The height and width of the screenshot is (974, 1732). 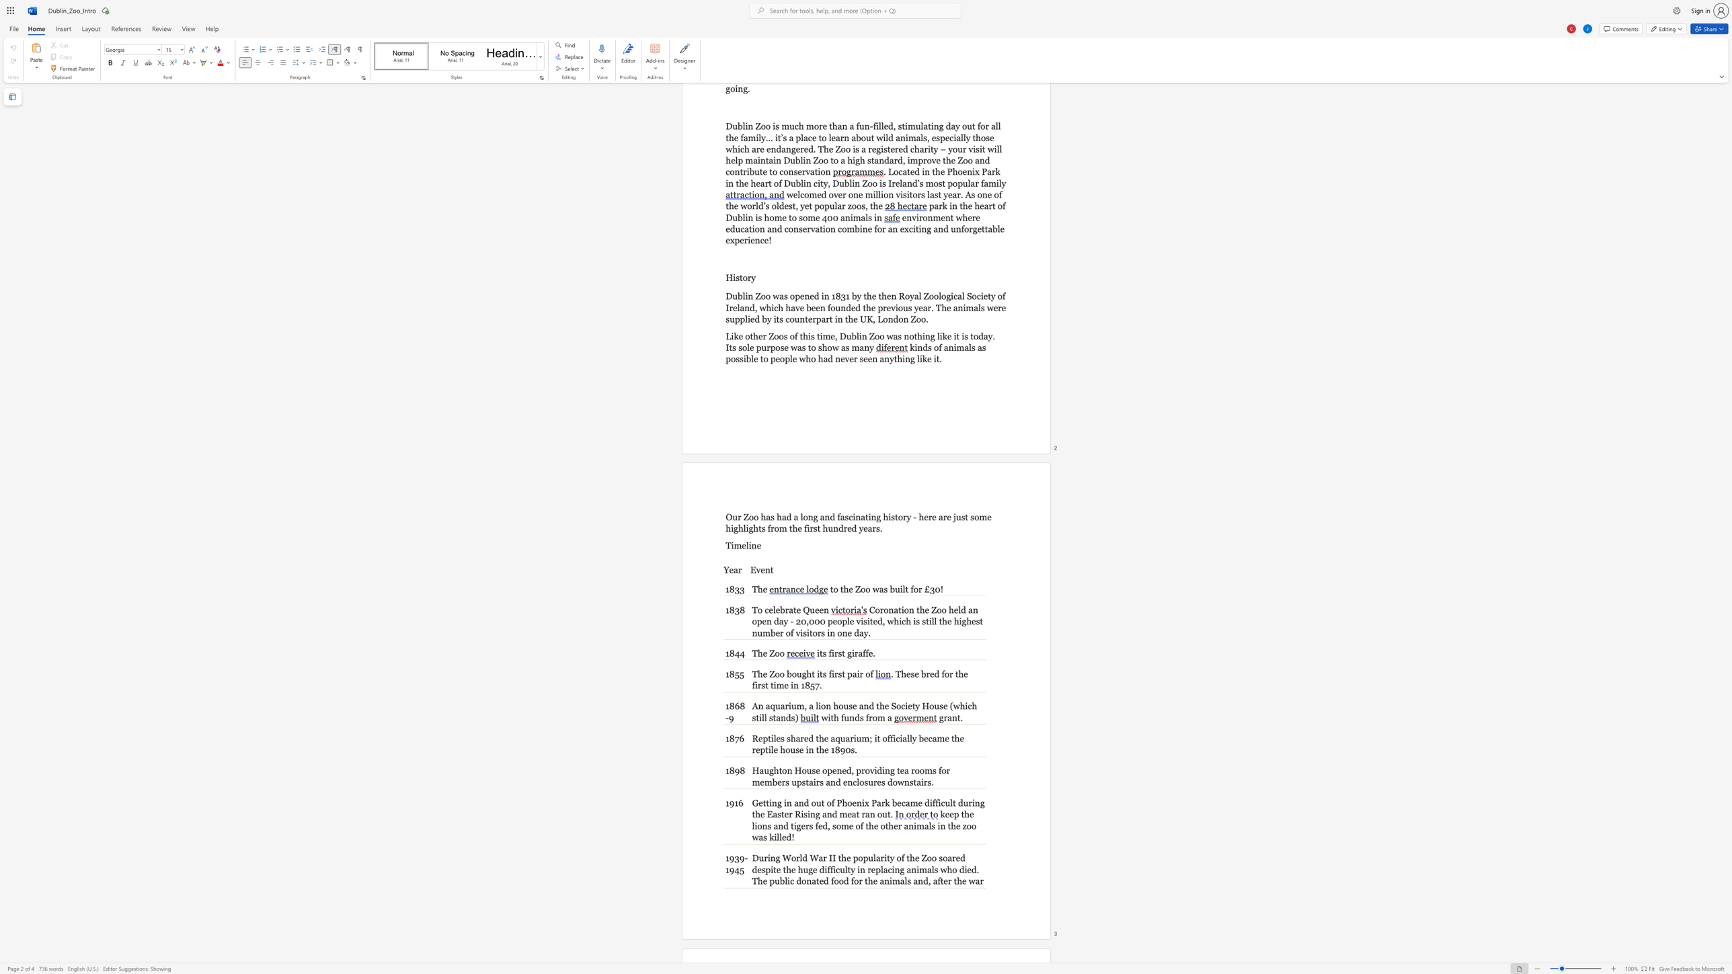 What do you see at coordinates (754, 684) in the screenshot?
I see `the subset text "irst time in 185" within the text ". These bred for the first time in 1857."` at bounding box center [754, 684].